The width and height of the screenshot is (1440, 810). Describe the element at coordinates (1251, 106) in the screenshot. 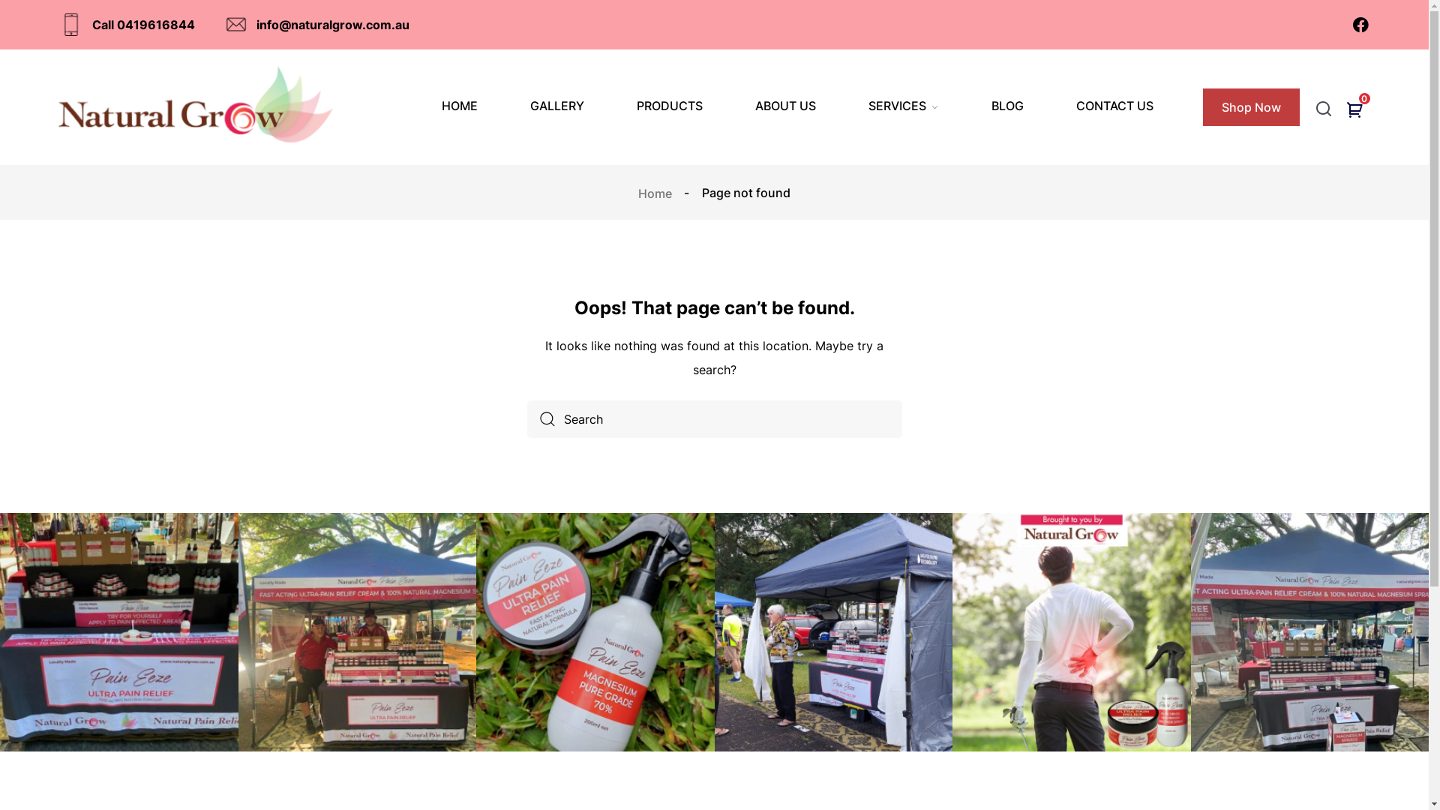

I see `'Shop Now'` at that location.